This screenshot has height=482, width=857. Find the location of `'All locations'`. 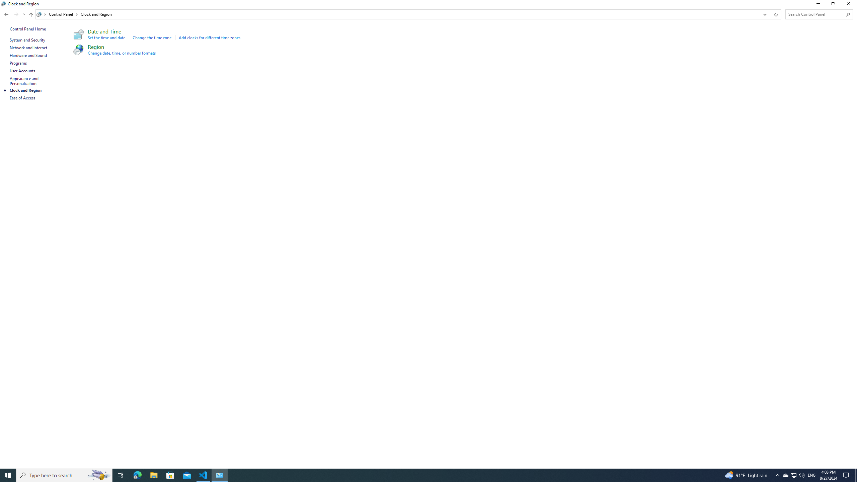

'All locations' is located at coordinates (41, 14).